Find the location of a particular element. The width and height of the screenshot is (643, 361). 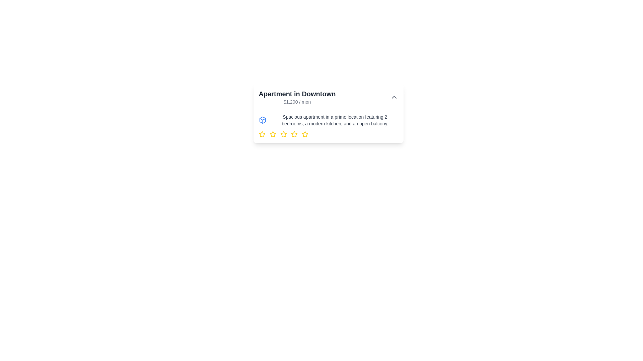

the text block containing the title 'Apartment in Downtown' and the subtext '$1,200 / mon' is located at coordinates (297, 97).